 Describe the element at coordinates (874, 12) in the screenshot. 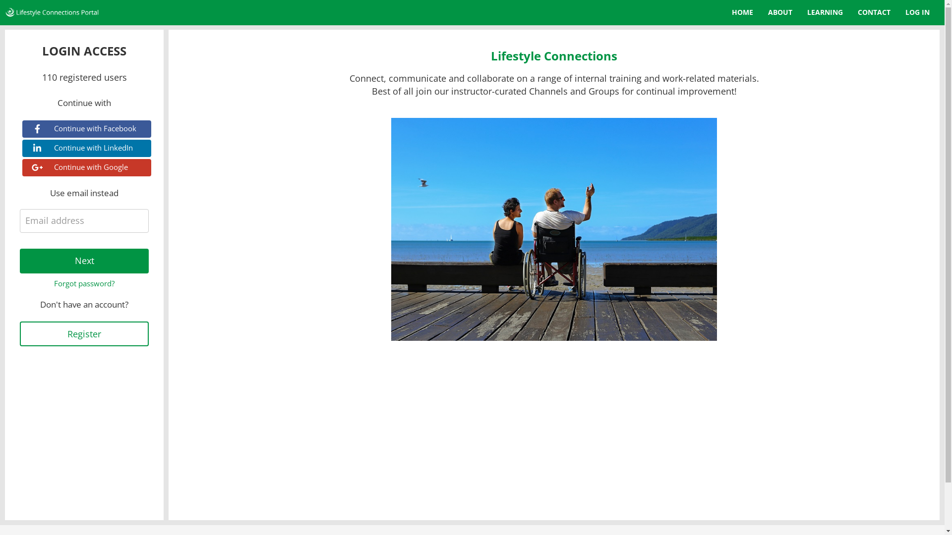

I see `'CONTACT'` at that location.